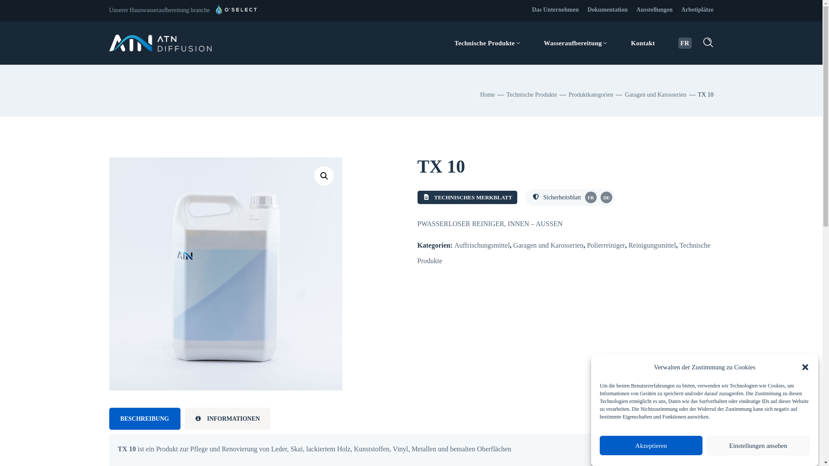 This screenshot has height=466, width=829. What do you see at coordinates (606, 197) in the screenshot?
I see `'DE'` at bounding box center [606, 197].